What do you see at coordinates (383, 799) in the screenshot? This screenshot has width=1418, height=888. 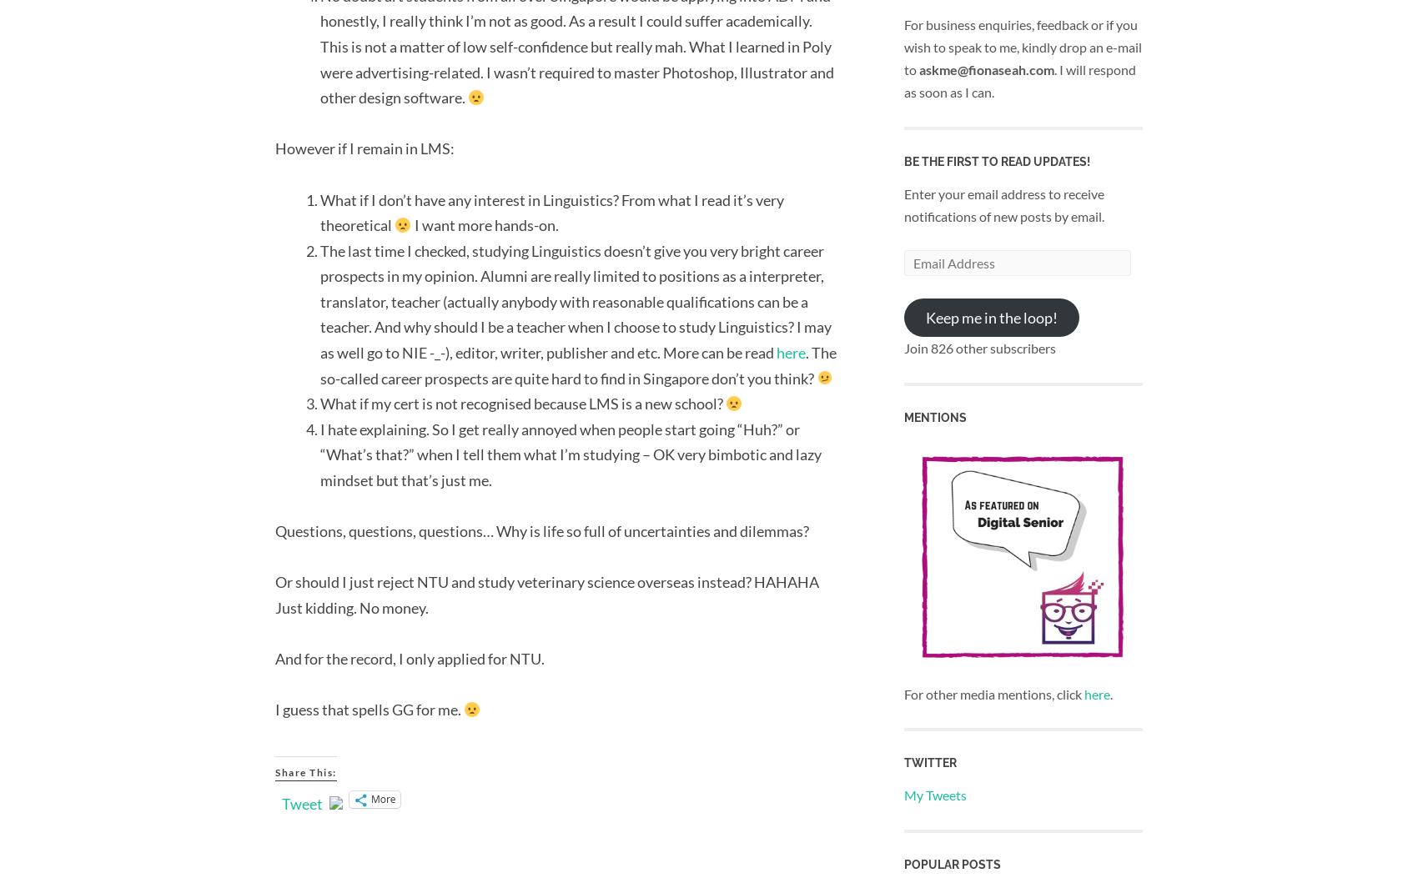 I see `'More'` at bounding box center [383, 799].